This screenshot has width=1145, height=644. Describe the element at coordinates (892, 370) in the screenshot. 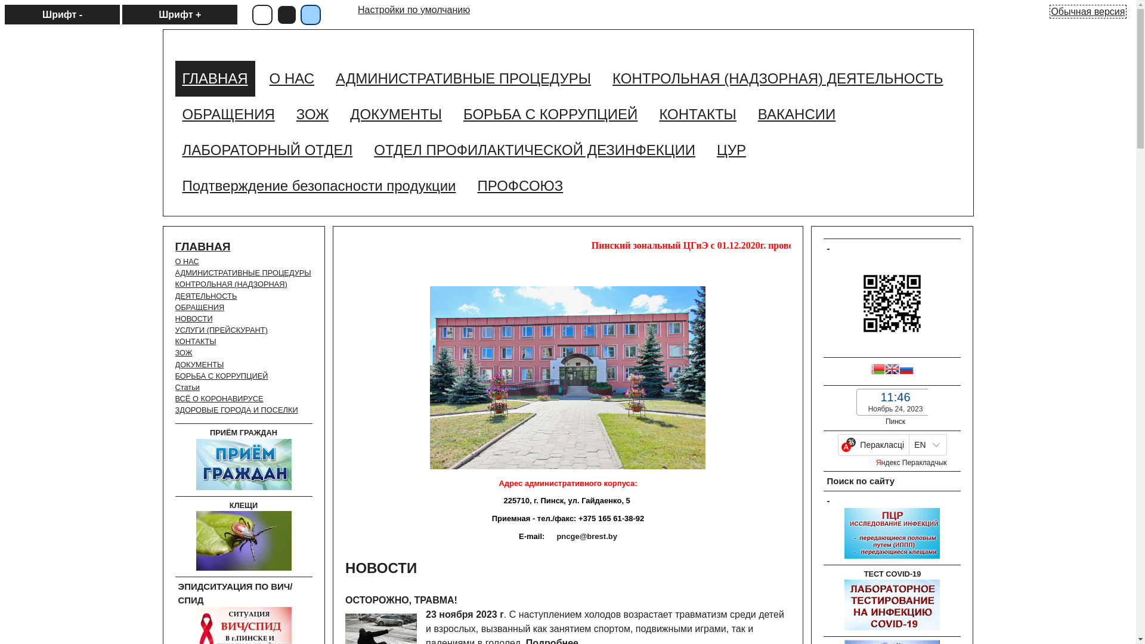

I see `'English'` at that location.